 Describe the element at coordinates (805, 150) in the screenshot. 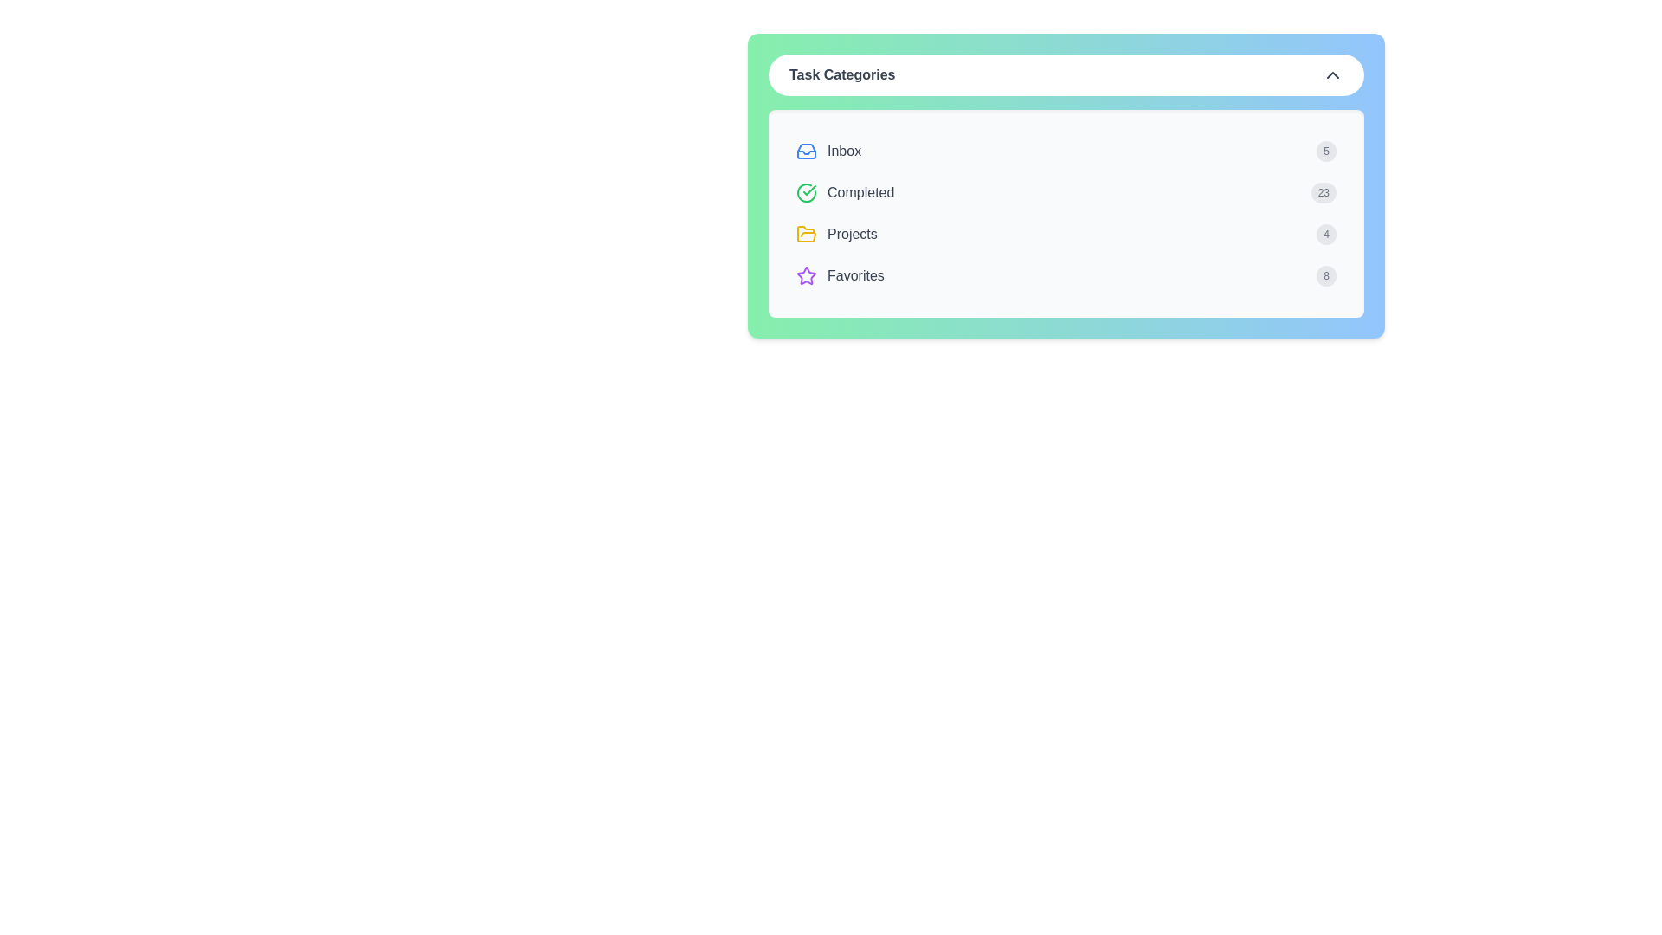

I see `the inbox box icon, which is the first icon in the 'Task Categories' list, styled with an outline design and blue color, located at the upper-left portion of the panel` at that location.